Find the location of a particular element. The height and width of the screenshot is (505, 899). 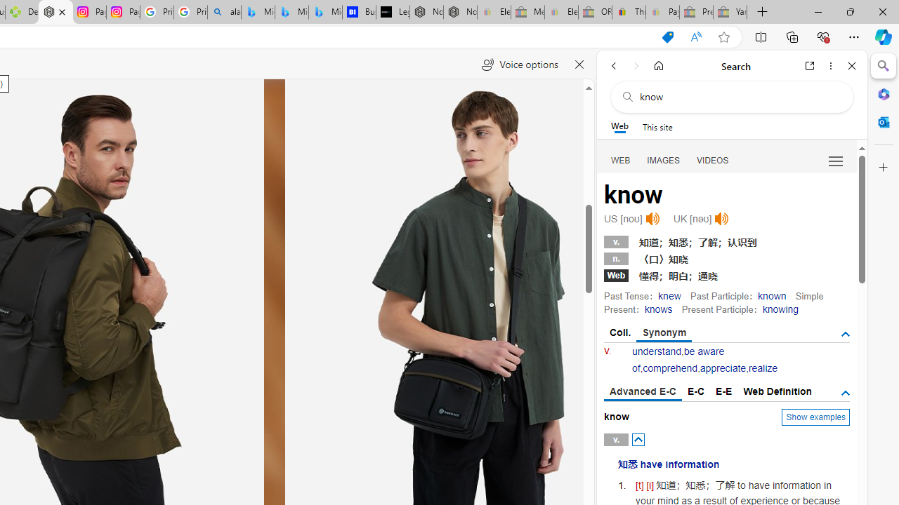

'This site has coupons! Shopping in Microsoft Edge' is located at coordinates (667, 36).